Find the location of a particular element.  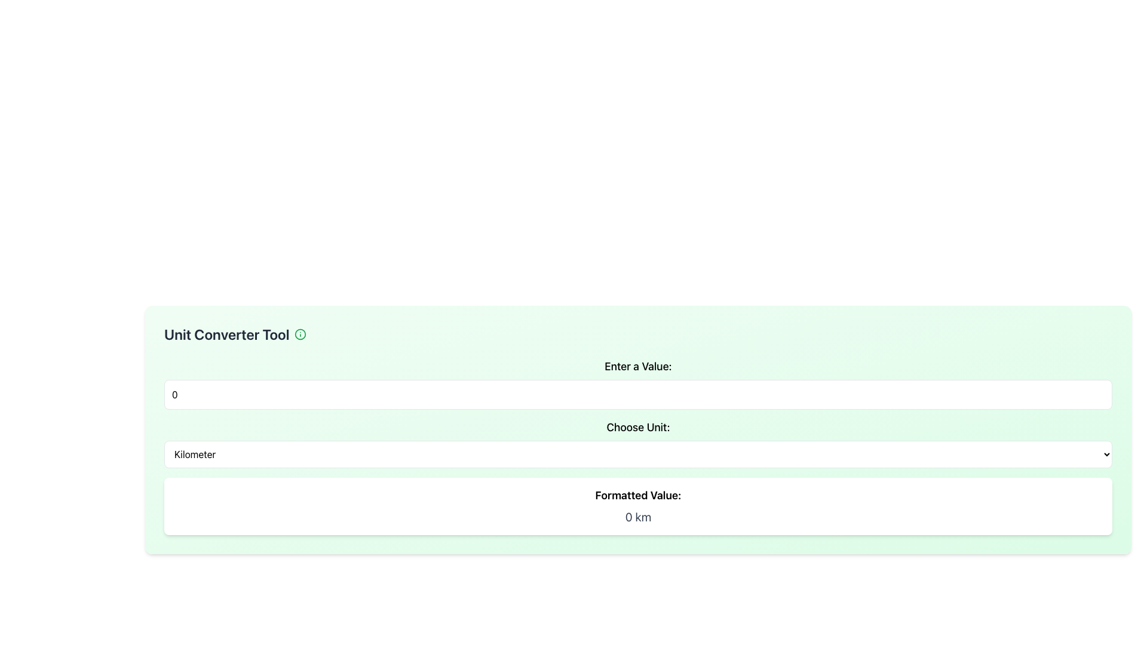

the Dropdown menu for unit selection located in the 'Unit Converter Tool' below the 'Enter a Value' input field is located at coordinates (637, 444).